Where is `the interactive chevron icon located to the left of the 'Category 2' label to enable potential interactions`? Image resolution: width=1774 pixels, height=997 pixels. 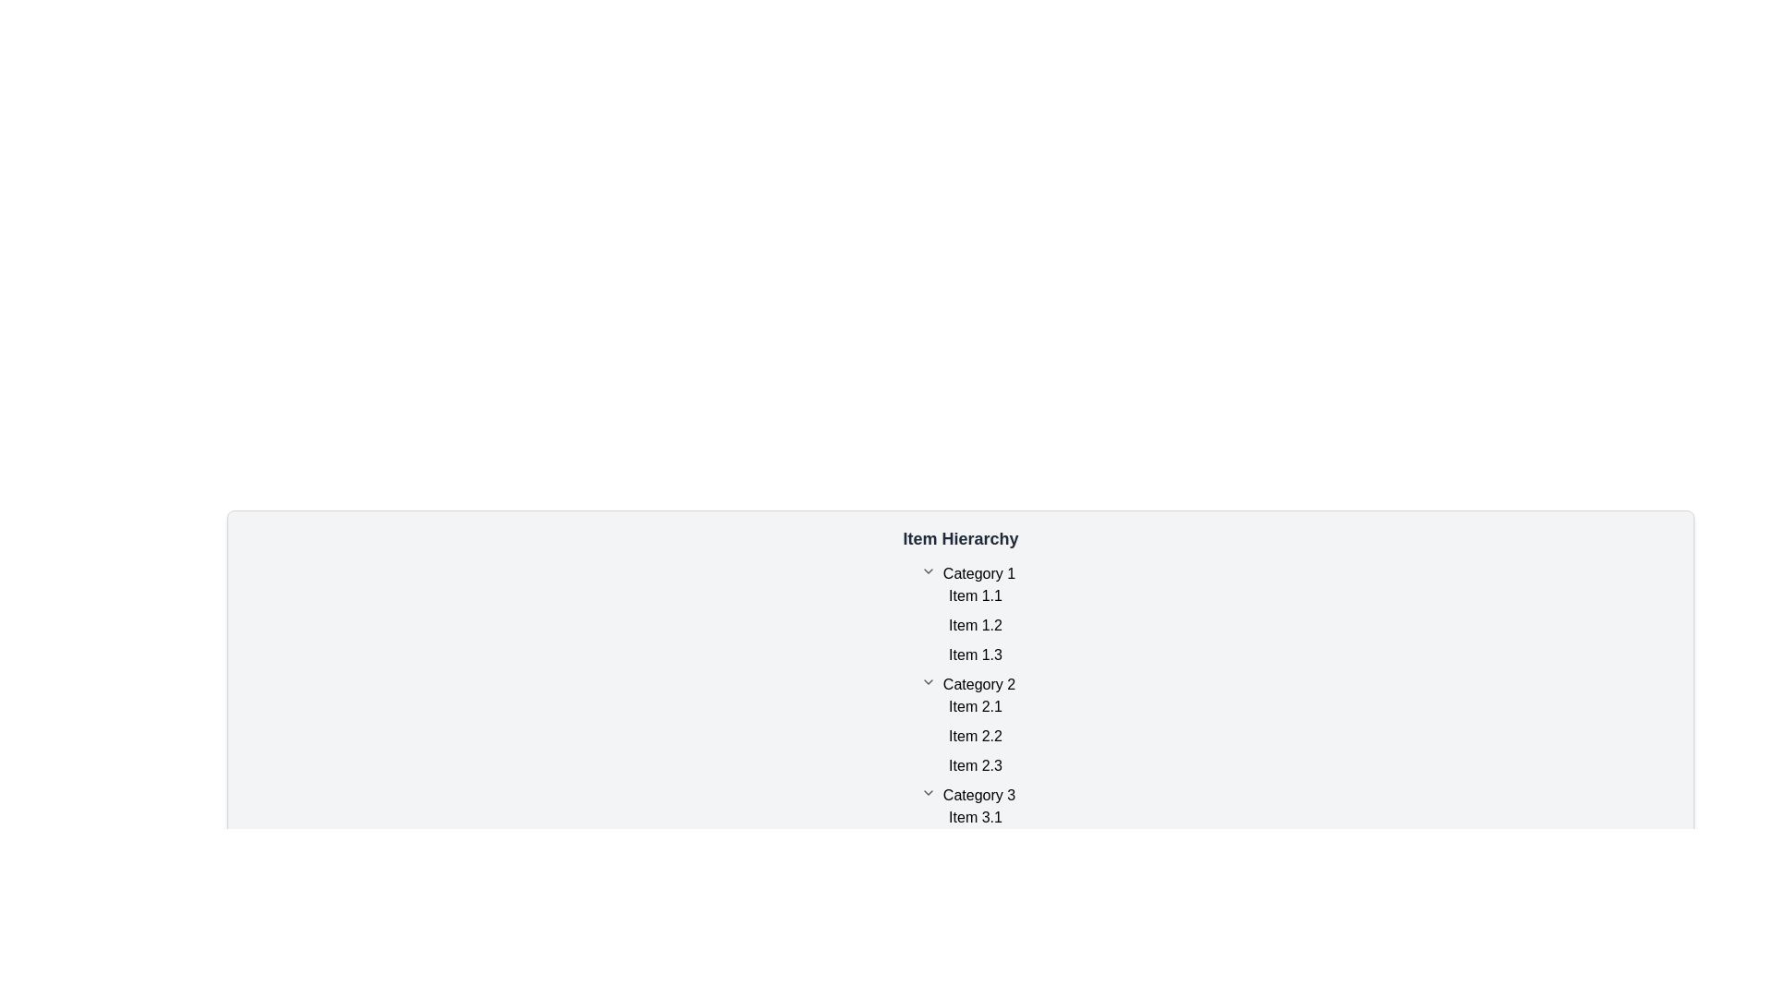
the interactive chevron icon located to the left of the 'Category 2' label to enable potential interactions is located at coordinates (928, 682).